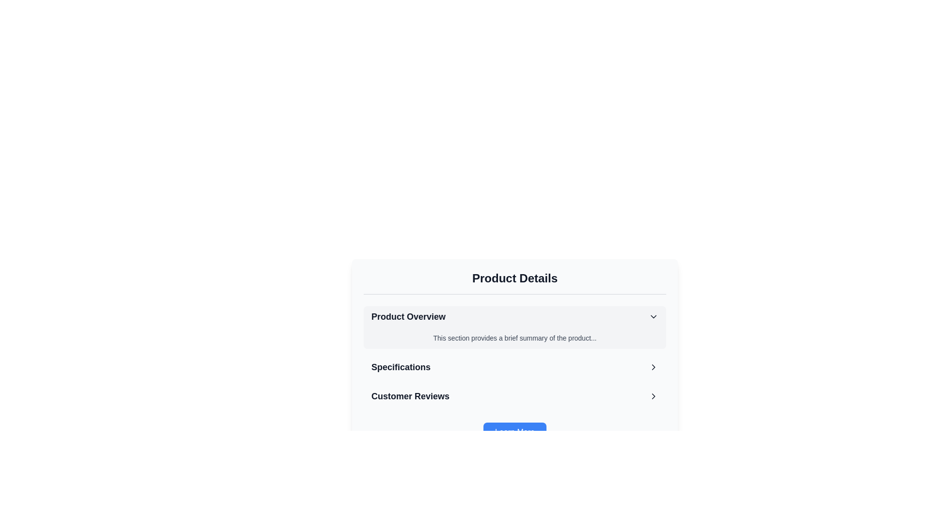 This screenshot has height=524, width=931. Describe the element at coordinates (654, 367) in the screenshot. I see `the right-facing chevron icon used for navigating or expanding sections located in the Specification section of the interface` at that location.